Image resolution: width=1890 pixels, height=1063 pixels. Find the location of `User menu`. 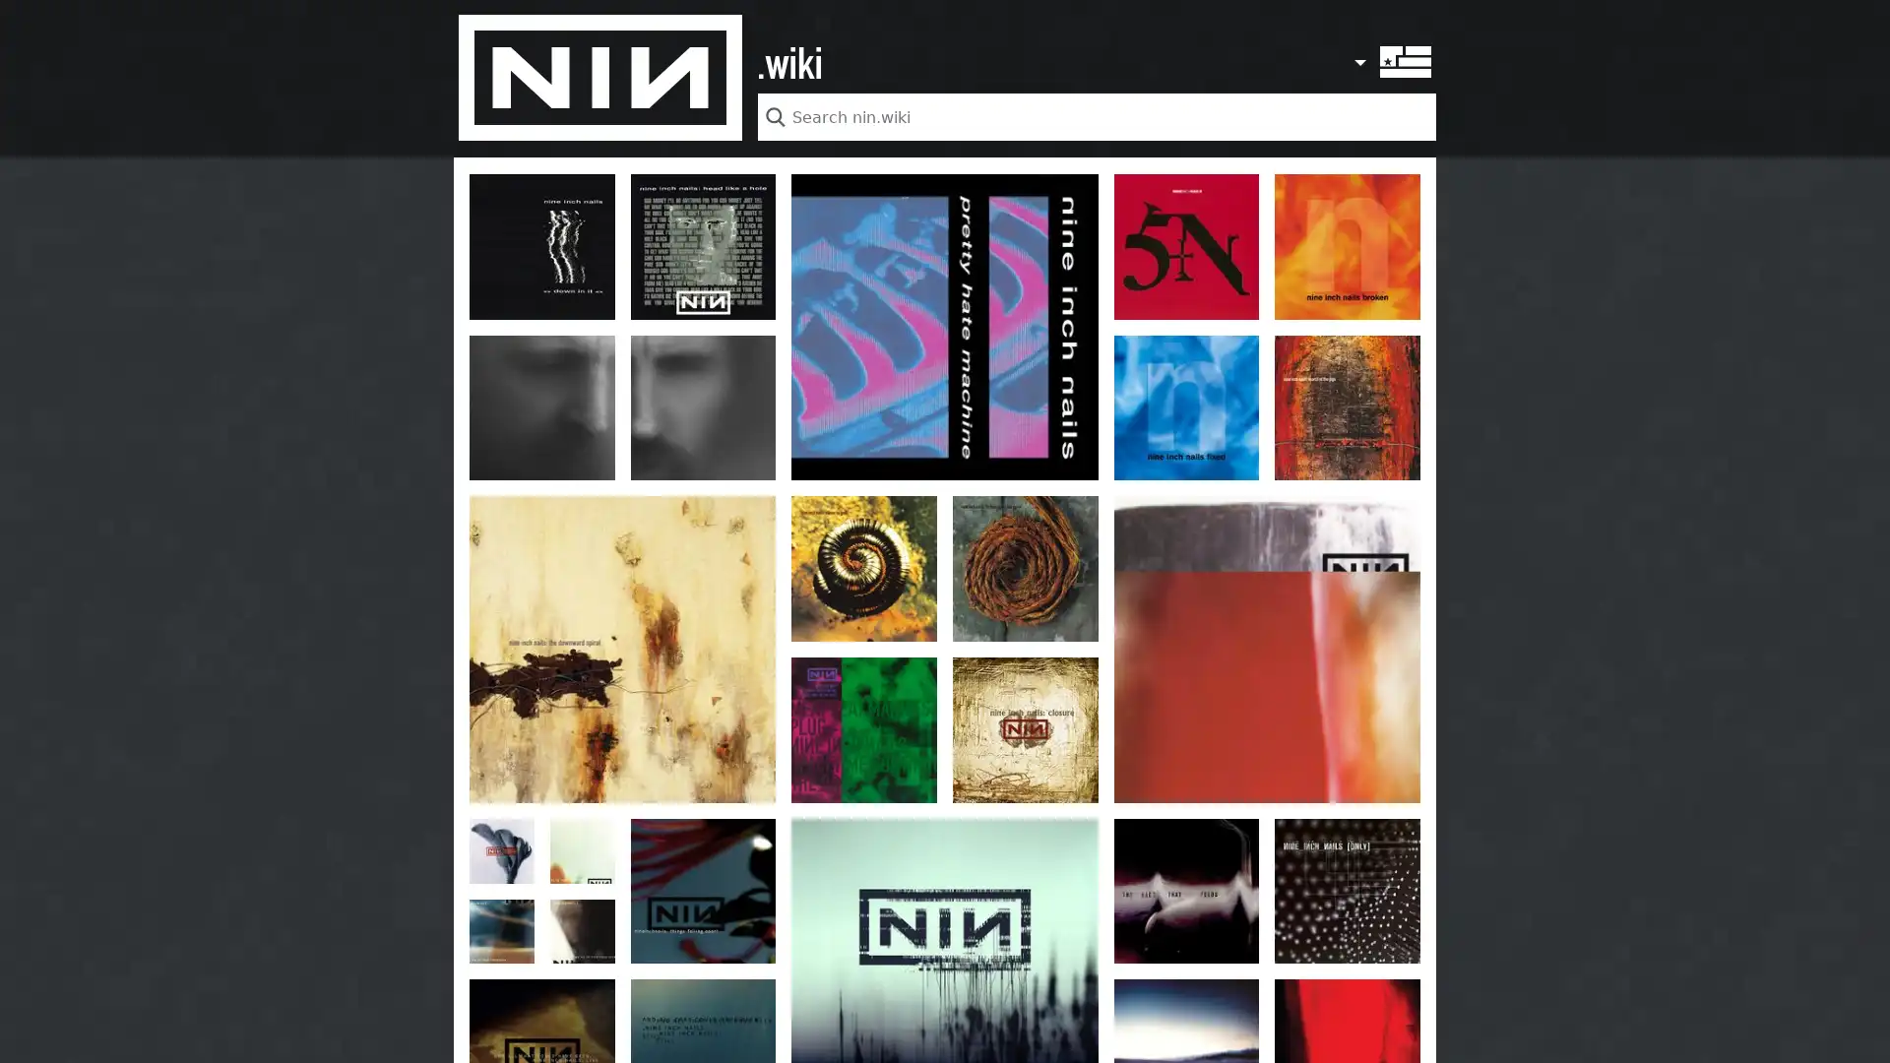

User menu is located at coordinates (1362, 51).